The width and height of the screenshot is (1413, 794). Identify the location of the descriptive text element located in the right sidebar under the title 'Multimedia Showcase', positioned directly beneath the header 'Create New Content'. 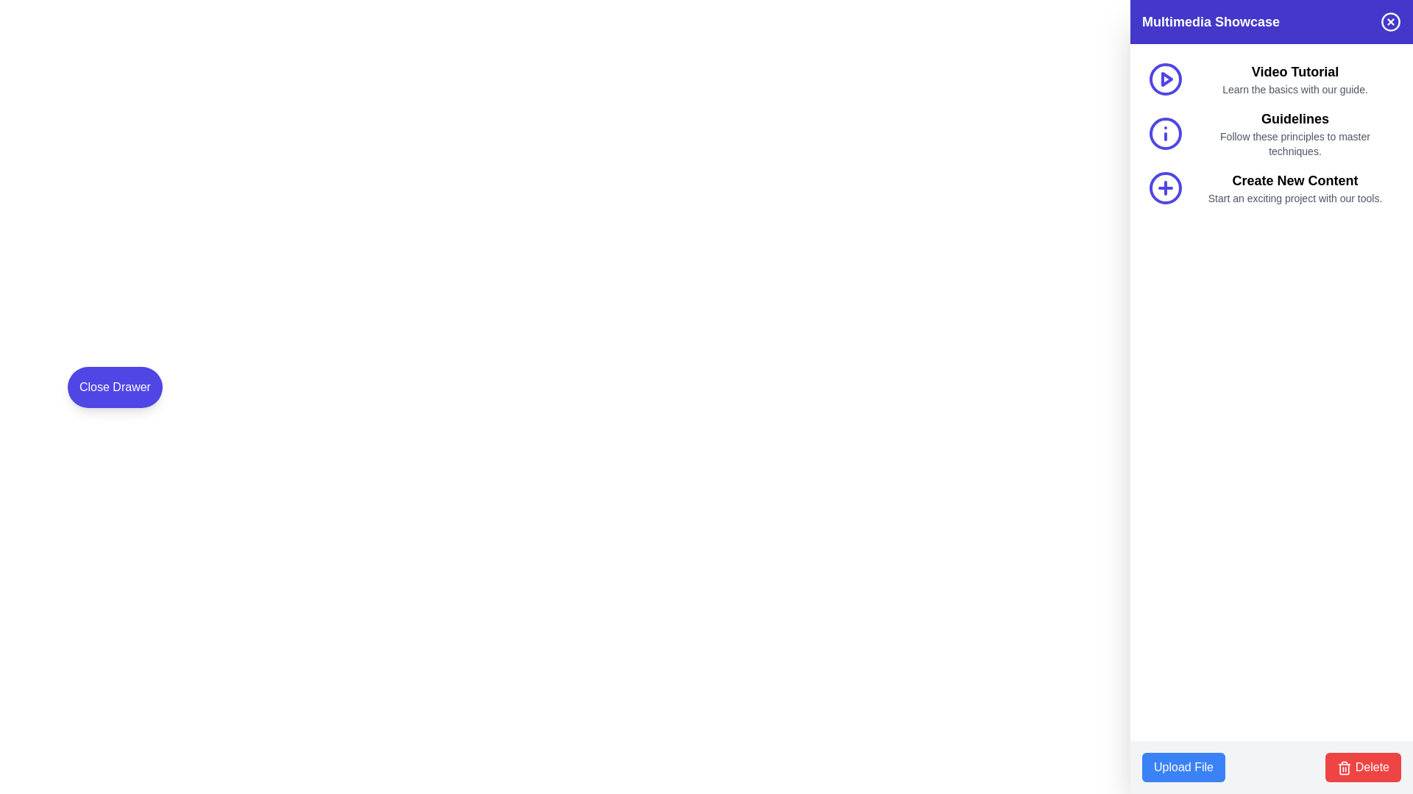
(1295, 198).